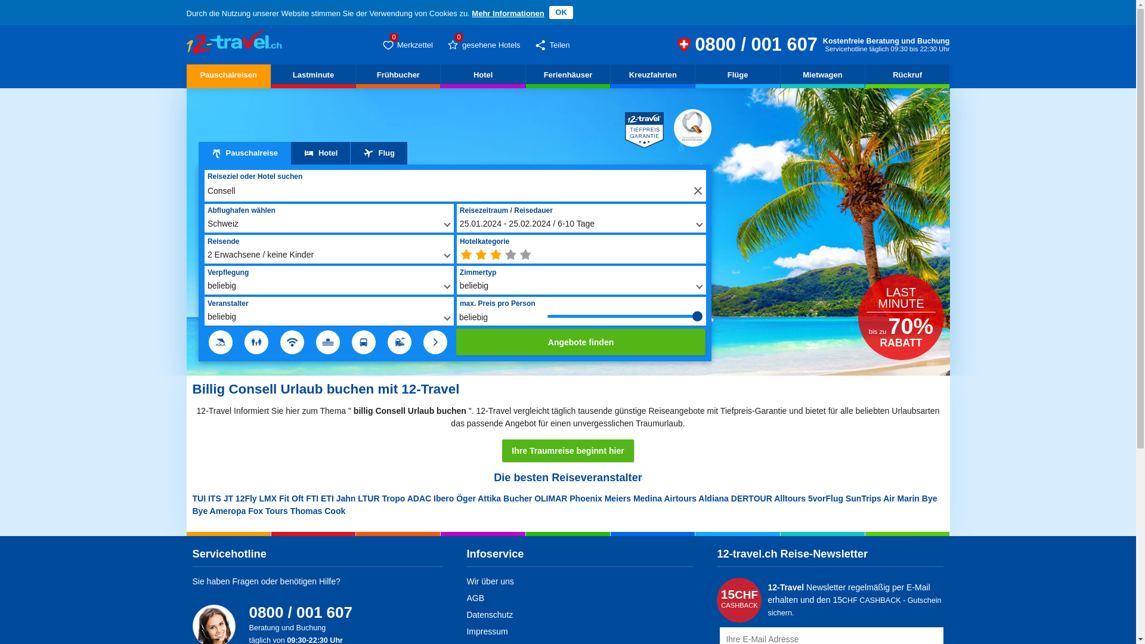 The width and height of the screenshot is (1145, 644). Describe the element at coordinates (320, 153) in the screenshot. I see `'Hotel'` at that location.